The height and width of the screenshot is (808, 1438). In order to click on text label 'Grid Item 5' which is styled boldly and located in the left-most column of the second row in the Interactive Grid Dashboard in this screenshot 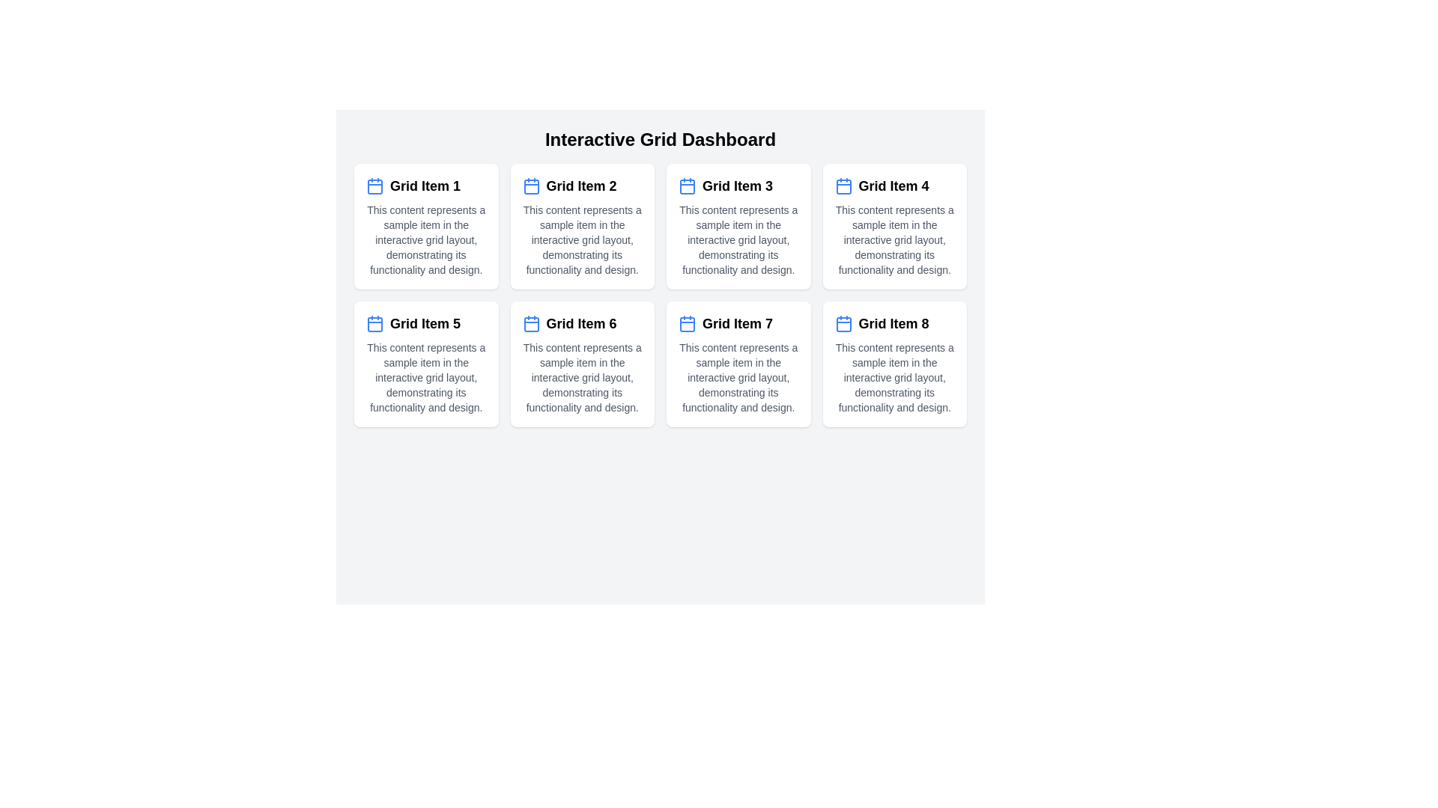, I will do `click(425, 322)`.